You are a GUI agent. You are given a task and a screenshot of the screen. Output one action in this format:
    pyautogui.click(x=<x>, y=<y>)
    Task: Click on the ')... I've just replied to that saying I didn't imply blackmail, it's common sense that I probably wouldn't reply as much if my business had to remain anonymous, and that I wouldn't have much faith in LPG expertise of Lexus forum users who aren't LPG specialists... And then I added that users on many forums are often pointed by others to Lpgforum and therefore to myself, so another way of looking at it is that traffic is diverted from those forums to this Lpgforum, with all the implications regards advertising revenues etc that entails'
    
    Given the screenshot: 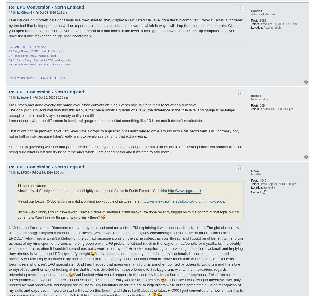 What is the action you would take?
    pyautogui.click(x=124, y=264)
    